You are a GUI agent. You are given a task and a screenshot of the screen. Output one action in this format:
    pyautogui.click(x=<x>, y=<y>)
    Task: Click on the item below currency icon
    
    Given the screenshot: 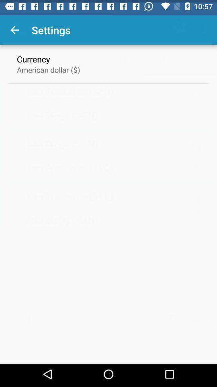 What is the action you would take?
    pyautogui.click(x=48, y=67)
    